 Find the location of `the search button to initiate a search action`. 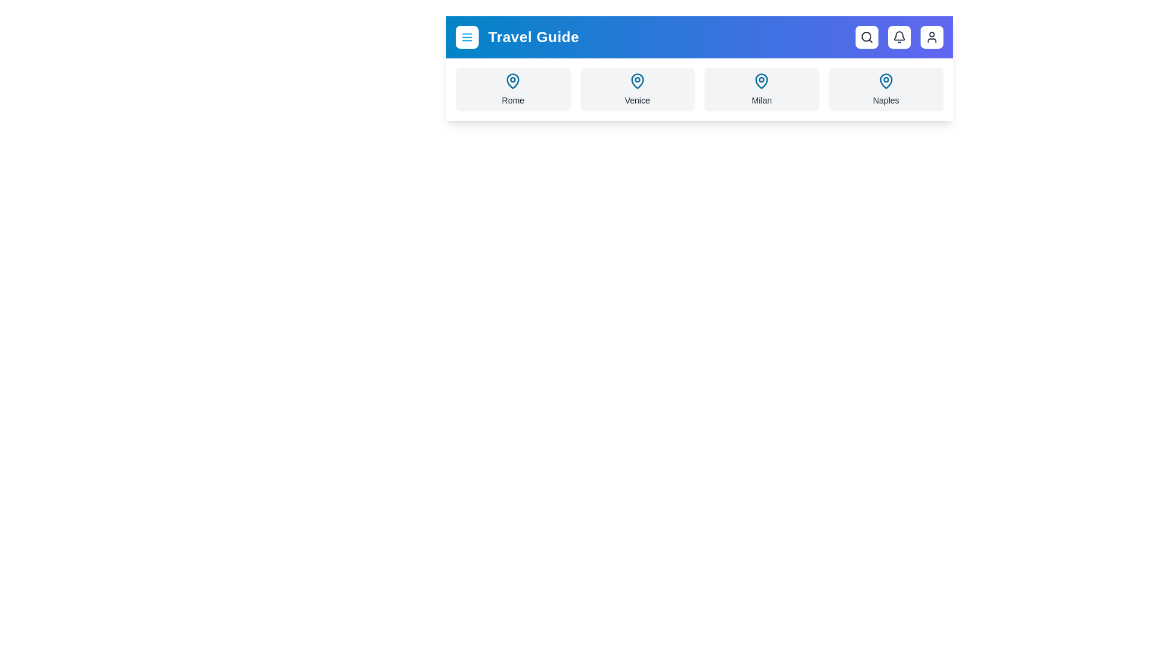

the search button to initiate a search action is located at coordinates (867, 36).